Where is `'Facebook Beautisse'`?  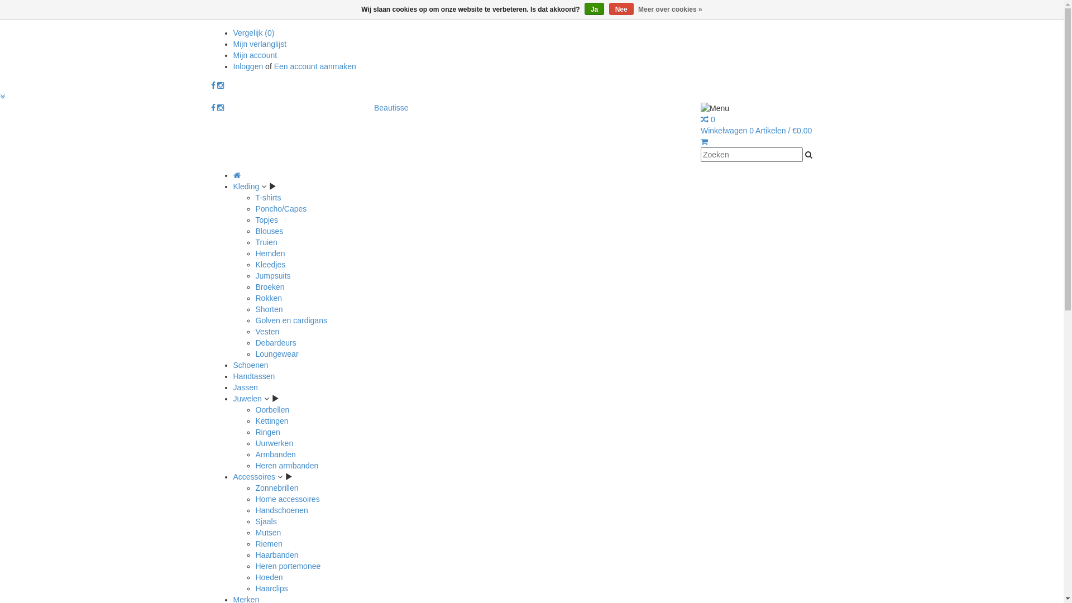
'Facebook Beautisse' is located at coordinates (213, 85).